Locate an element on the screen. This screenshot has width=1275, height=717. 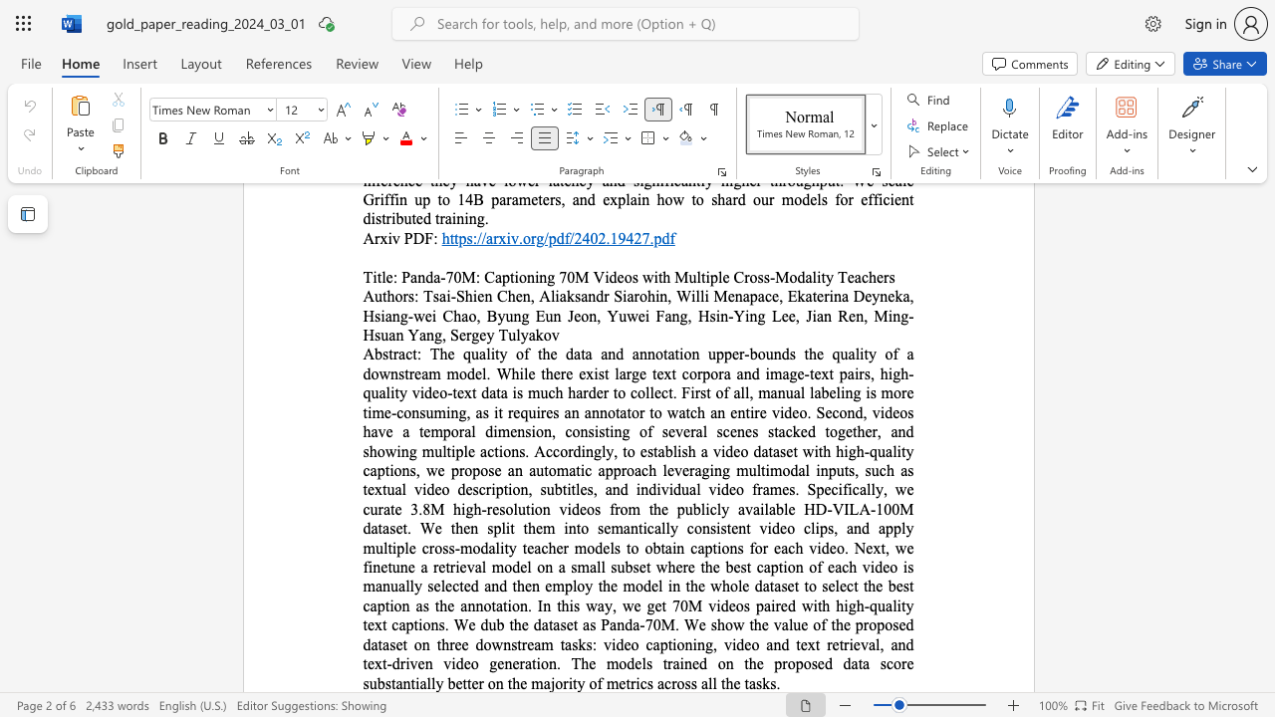
the subset text "taset as Panda-70M. We show the value of the proposed dataset on three downstream tasks: video captioning, video and text retrieval, and text-driven video generation. The models trained on the proposed data score substantially better on the majority of metrics across all the ta" within the text "this way, we get 70M videos paired with high-quality text captions. We dub the dataset as Panda-70M. We show the value of the proposed dataset on three downstream tasks: video captioning, video and text retrieval, and text-driven video generation. The models trained on the proposed data score substantially better on the majority of metrics across all the tasks." is located at coordinates (548, 623).